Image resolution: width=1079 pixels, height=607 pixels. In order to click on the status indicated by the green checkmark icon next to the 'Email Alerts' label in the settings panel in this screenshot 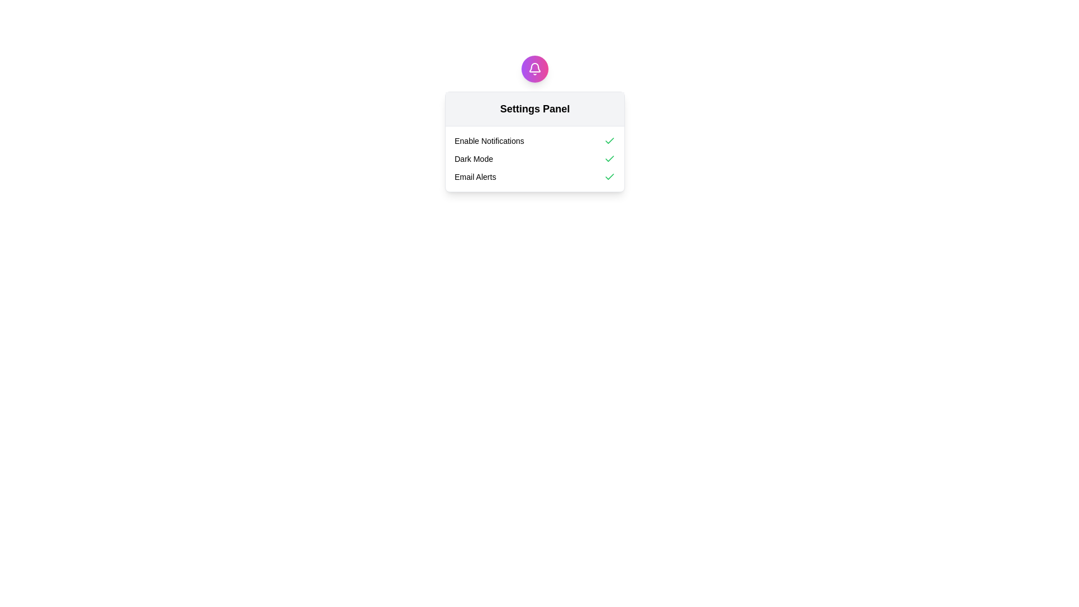, I will do `click(609, 177)`.